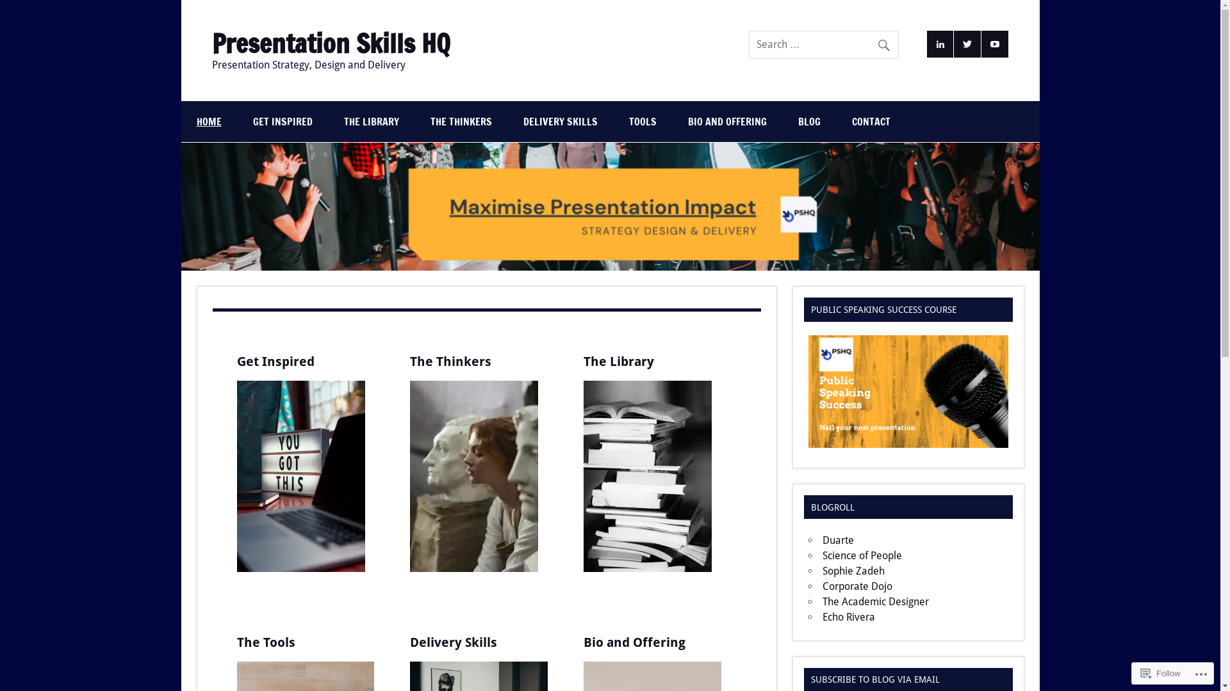 The height and width of the screenshot is (691, 1230). Describe the element at coordinates (208, 121) in the screenshot. I see `'HOME'` at that location.